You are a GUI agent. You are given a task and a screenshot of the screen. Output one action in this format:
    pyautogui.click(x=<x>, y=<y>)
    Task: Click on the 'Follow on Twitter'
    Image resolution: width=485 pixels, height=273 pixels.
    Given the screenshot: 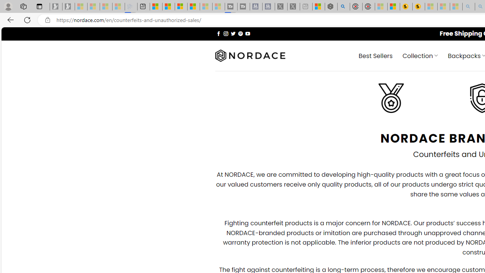 What is the action you would take?
    pyautogui.click(x=233, y=33)
    